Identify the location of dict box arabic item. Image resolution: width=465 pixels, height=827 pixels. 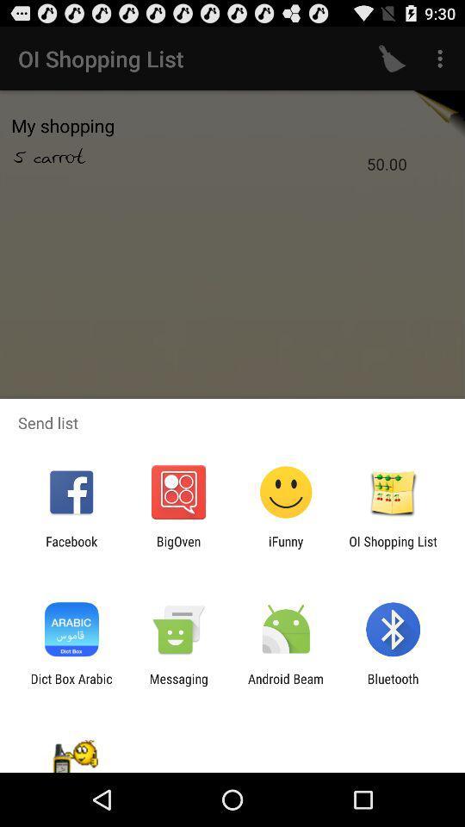
(71, 686).